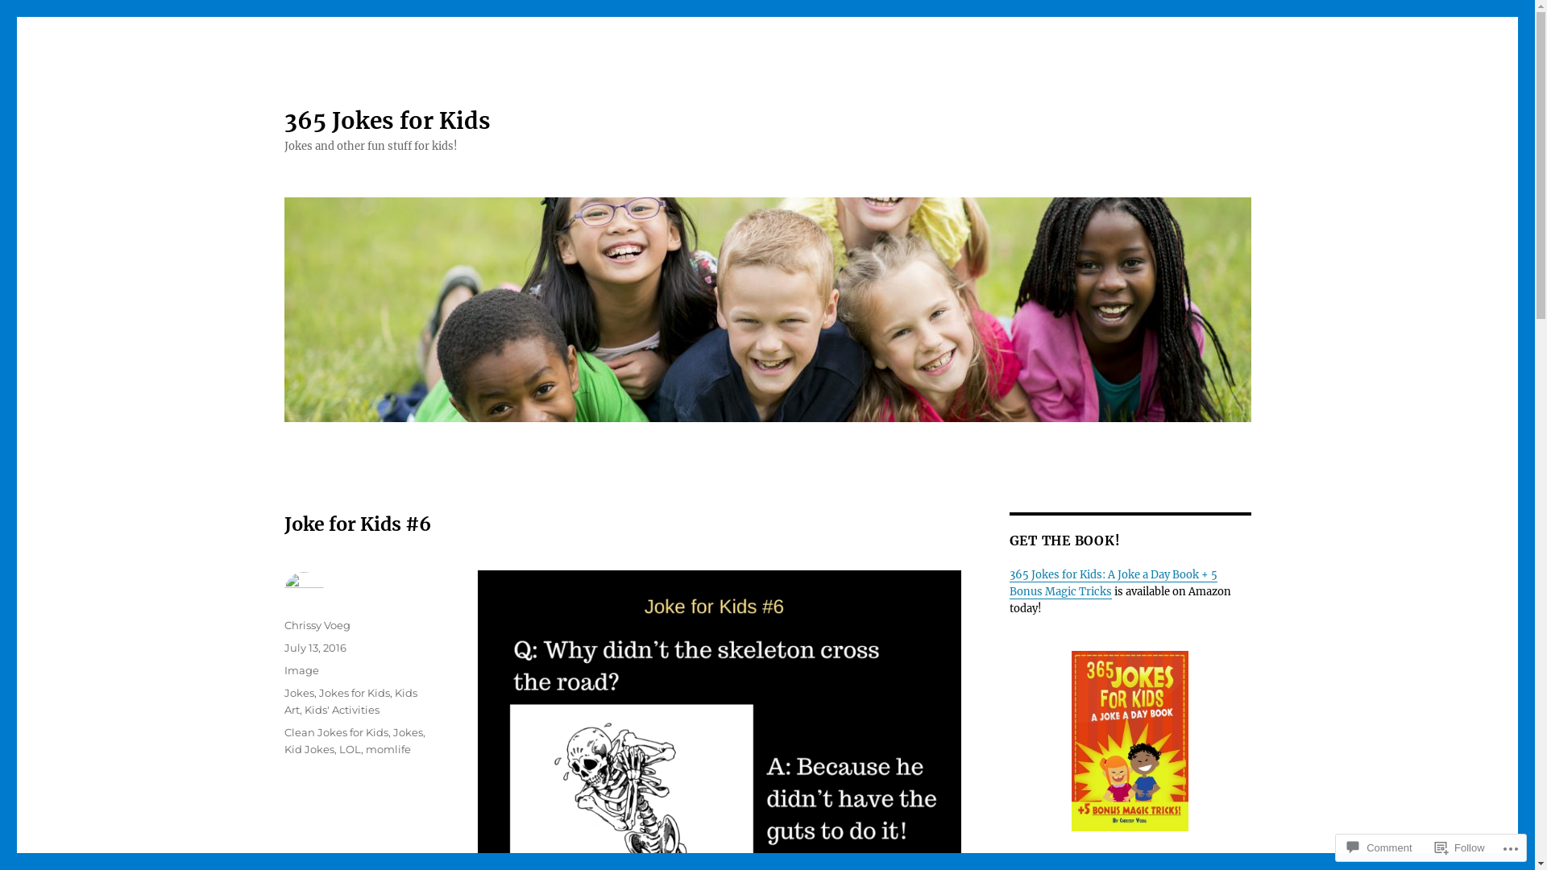 This screenshot has width=1547, height=870. What do you see at coordinates (334, 732) in the screenshot?
I see `'Clean Jokes for Kids'` at bounding box center [334, 732].